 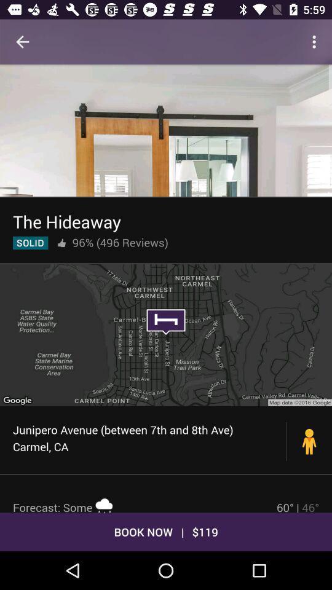 I want to click on item above junipero avenue between icon, so click(x=166, y=335).